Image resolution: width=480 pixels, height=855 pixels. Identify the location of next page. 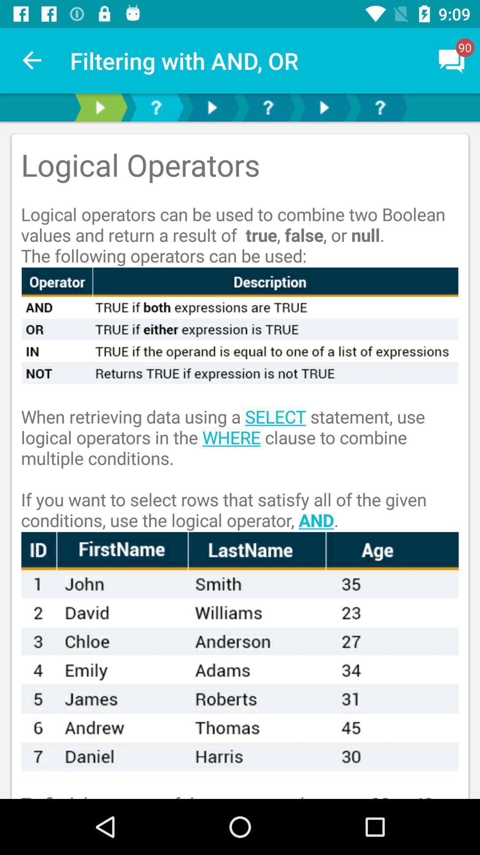
(100, 107).